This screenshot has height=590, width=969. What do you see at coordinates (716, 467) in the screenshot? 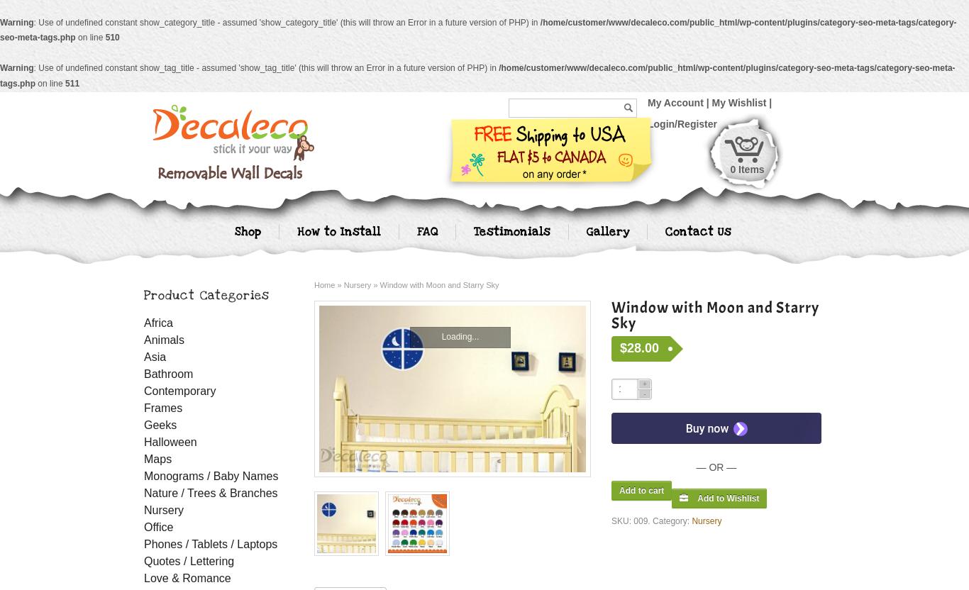
I see `'— OR —'` at bounding box center [716, 467].